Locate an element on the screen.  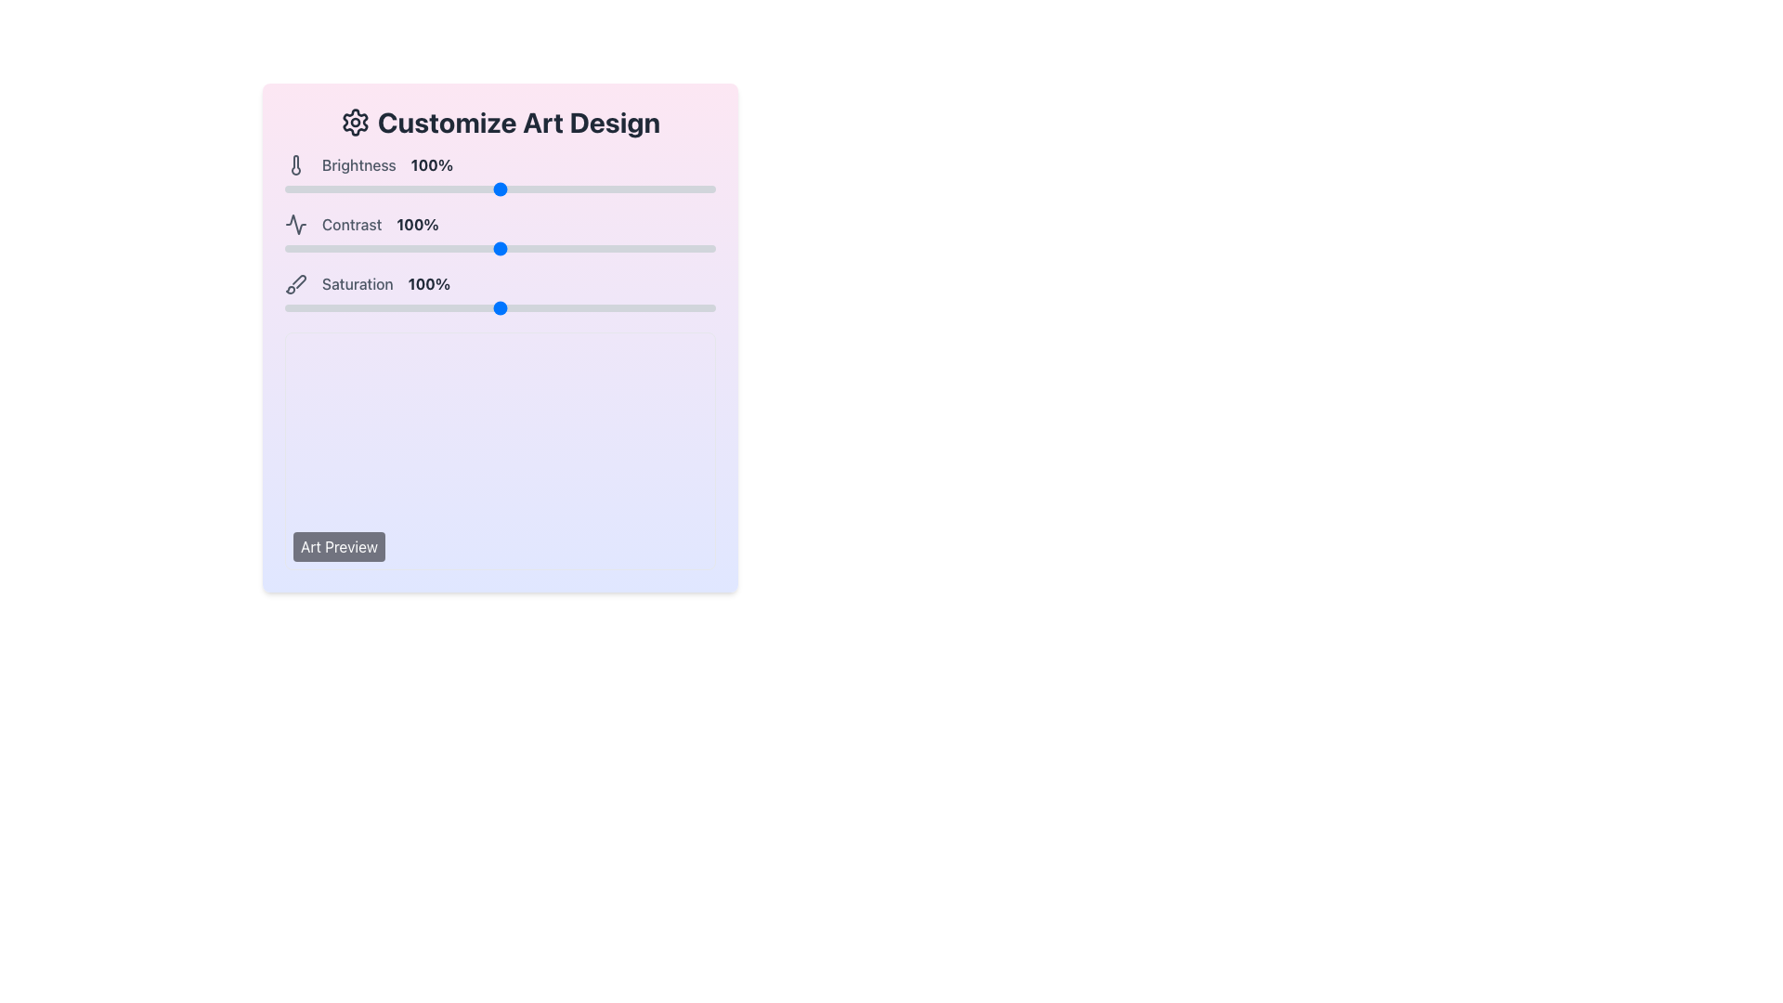
the saturation is located at coordinates (710, 306).